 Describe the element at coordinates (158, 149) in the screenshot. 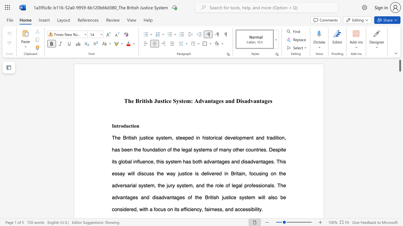

I see `the 10th character "t" in the text` at that location.